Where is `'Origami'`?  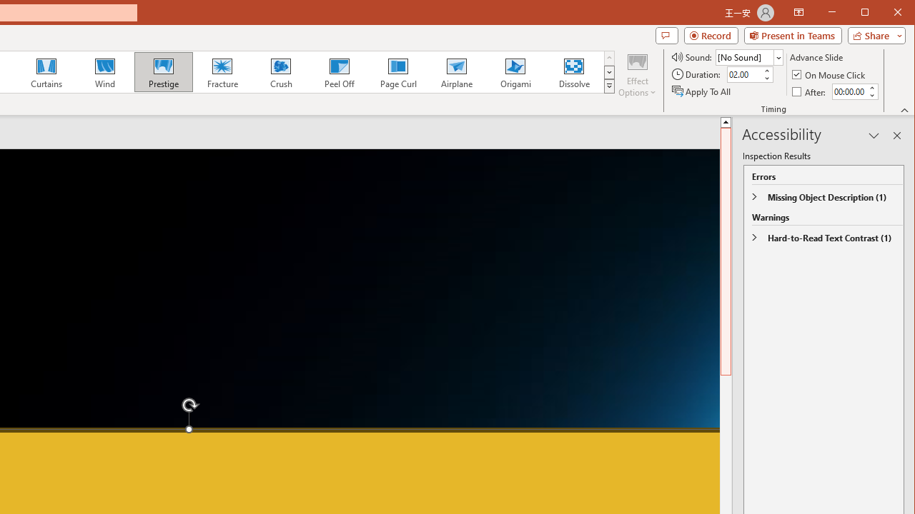 'Origami' is located at coordinates (515, 71).